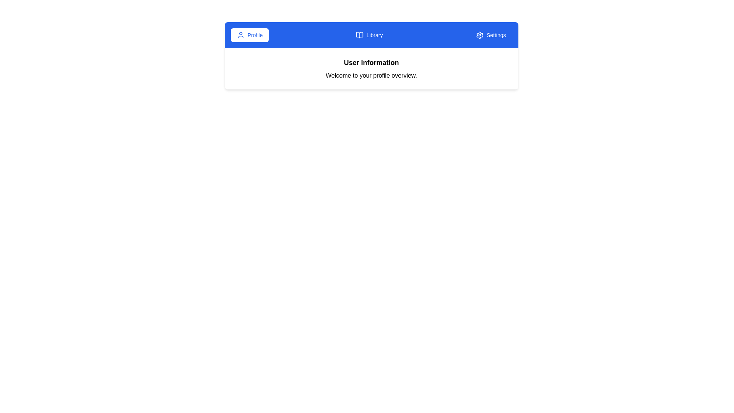 This screenshot has height=413, width=734. What do you see at coordinates (240, 35) in the screenshot?
I see `the user profile icon located on the left side of the header bar, part of the 'Profile' button` at bounding box center [240, 35].